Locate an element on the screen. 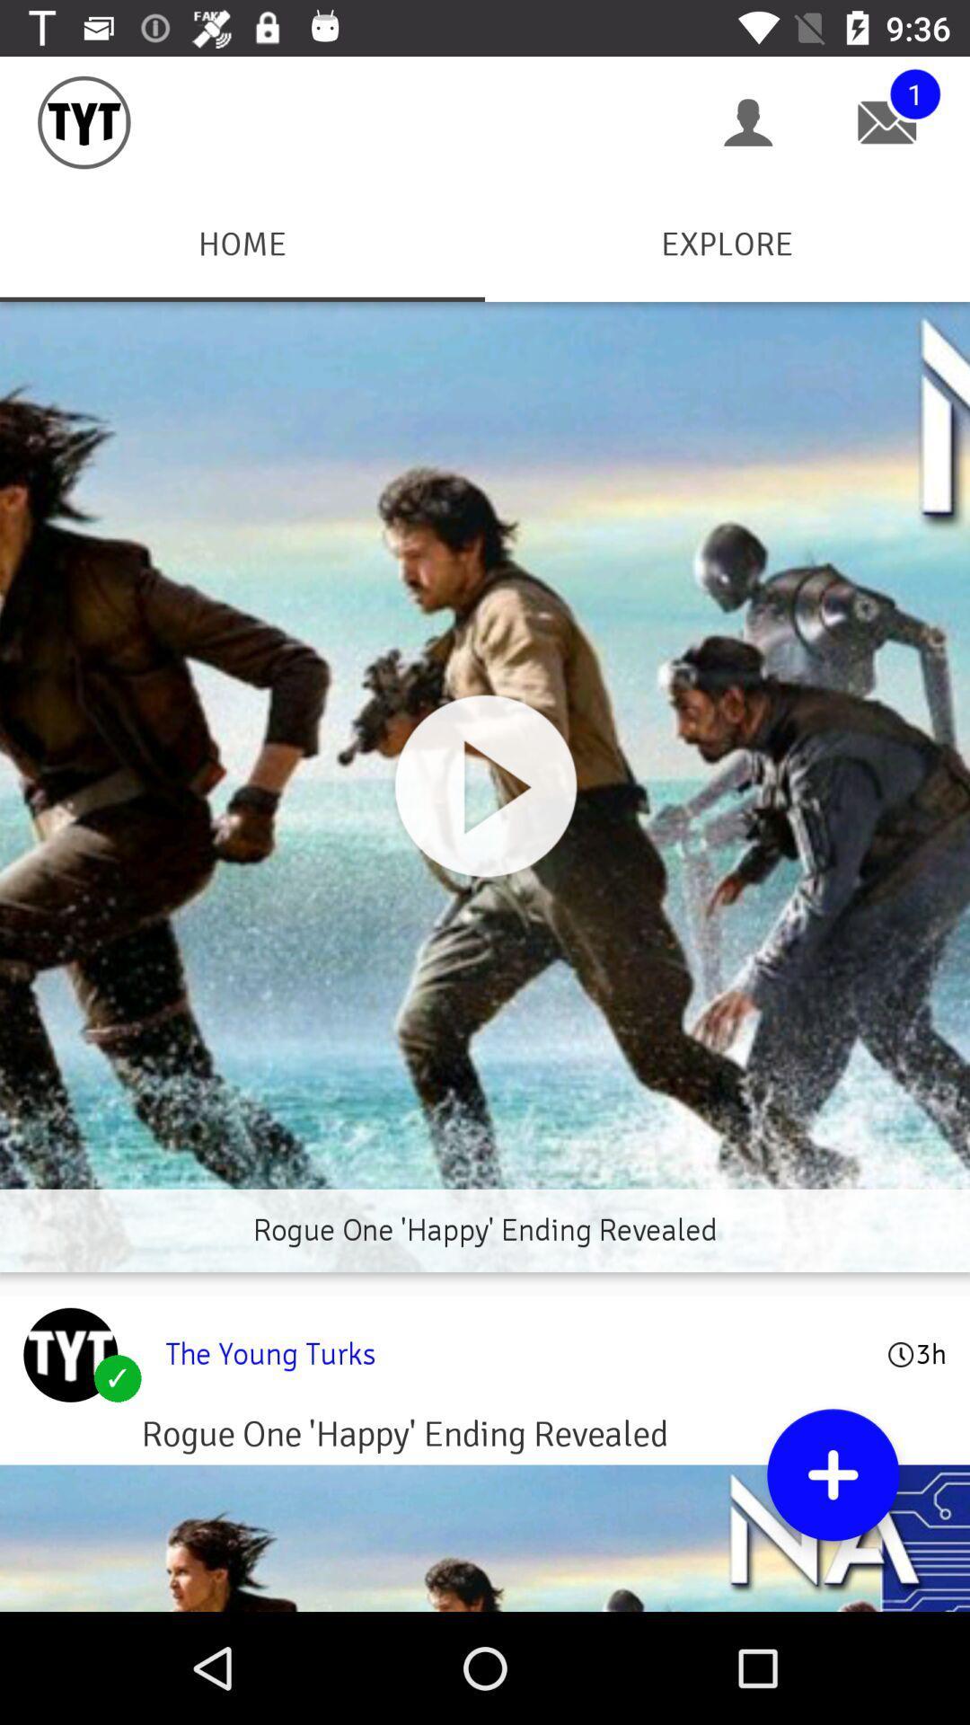  the young turks item is located at coordinates (515, 1354).